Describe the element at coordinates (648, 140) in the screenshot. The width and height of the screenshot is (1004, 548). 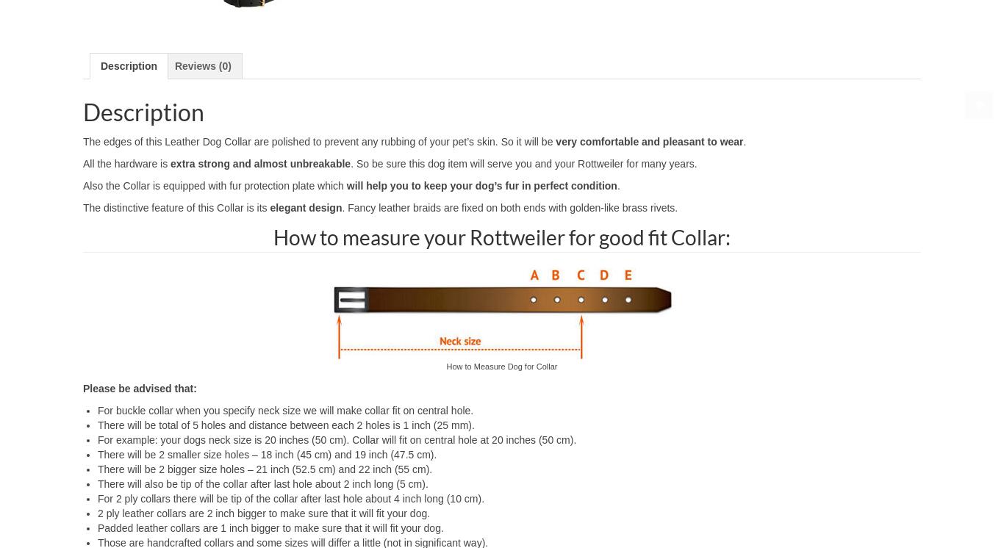
I see `'very comfortable and pleasant to wear'` at that location.